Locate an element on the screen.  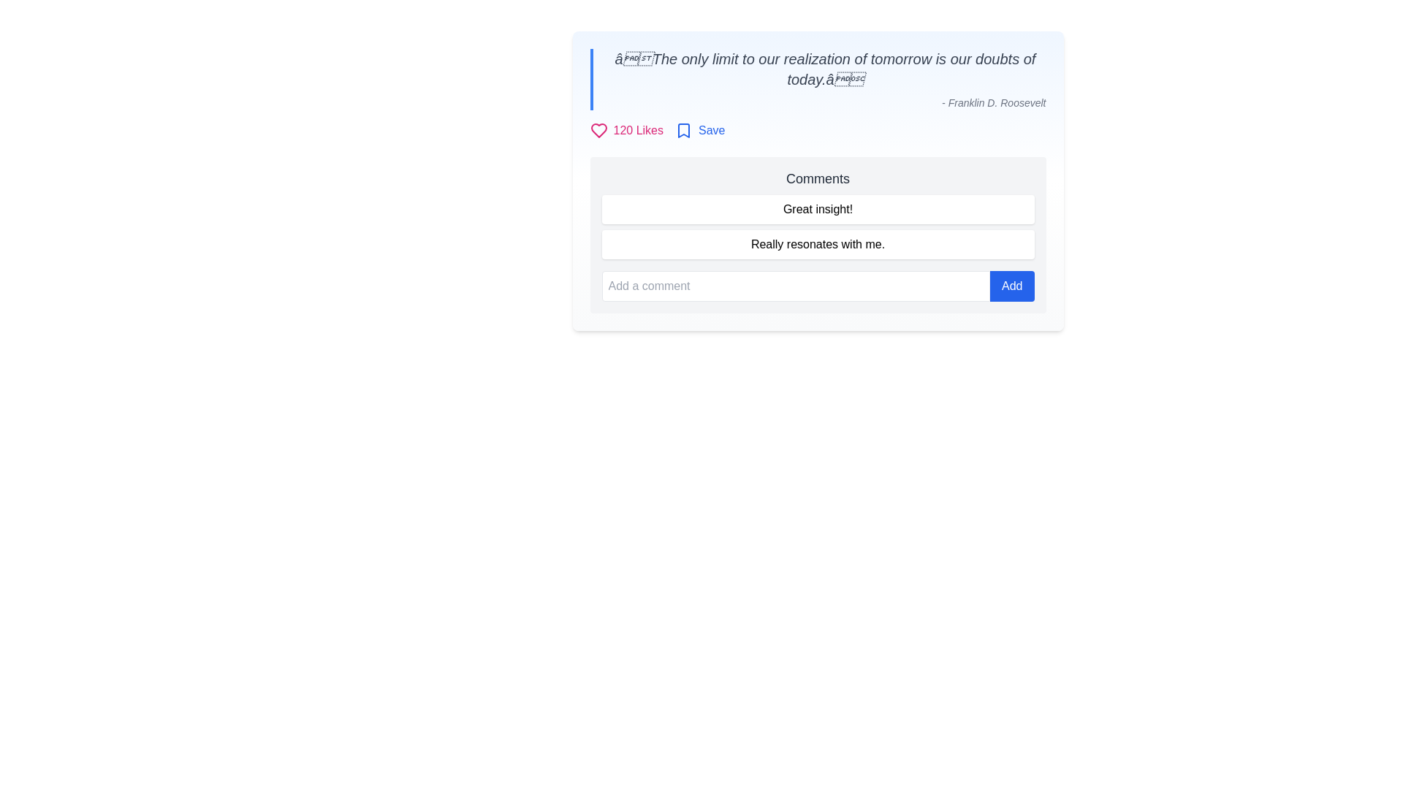
the 'Save' text label, which is blue and slightly bolded, located to the right of a bookmark icon at the top part of the interface is located at coordinates (712, 129).